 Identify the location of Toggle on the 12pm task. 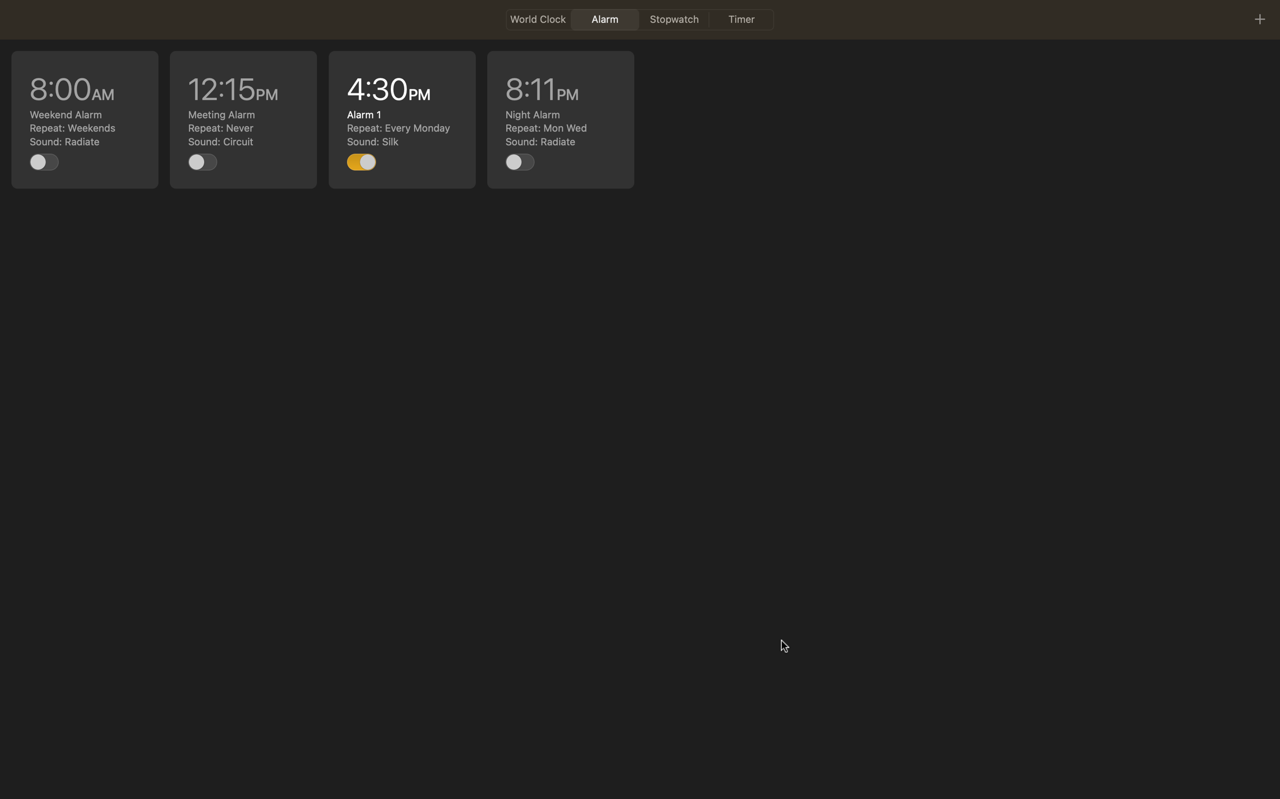
(203, 161).